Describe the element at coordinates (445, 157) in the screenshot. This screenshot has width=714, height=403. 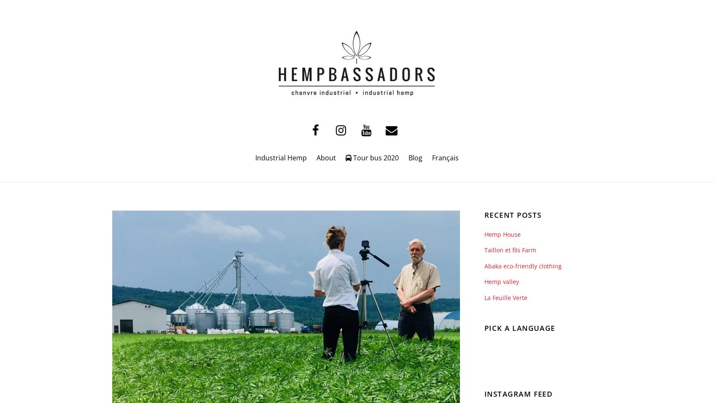
I see `'Français'` at that location.